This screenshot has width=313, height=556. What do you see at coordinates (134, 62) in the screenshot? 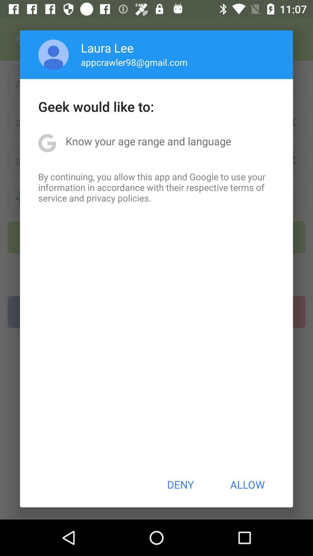
I see `appcrawler98@gmail.com icon` at bounding box center [134, 62].